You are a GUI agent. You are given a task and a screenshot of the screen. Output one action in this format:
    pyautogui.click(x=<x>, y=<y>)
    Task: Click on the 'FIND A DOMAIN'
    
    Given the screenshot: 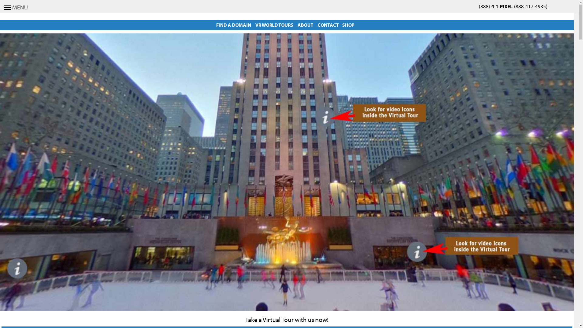 What is the action you would take?
    pyautogui.click(x=233, y=24)
    